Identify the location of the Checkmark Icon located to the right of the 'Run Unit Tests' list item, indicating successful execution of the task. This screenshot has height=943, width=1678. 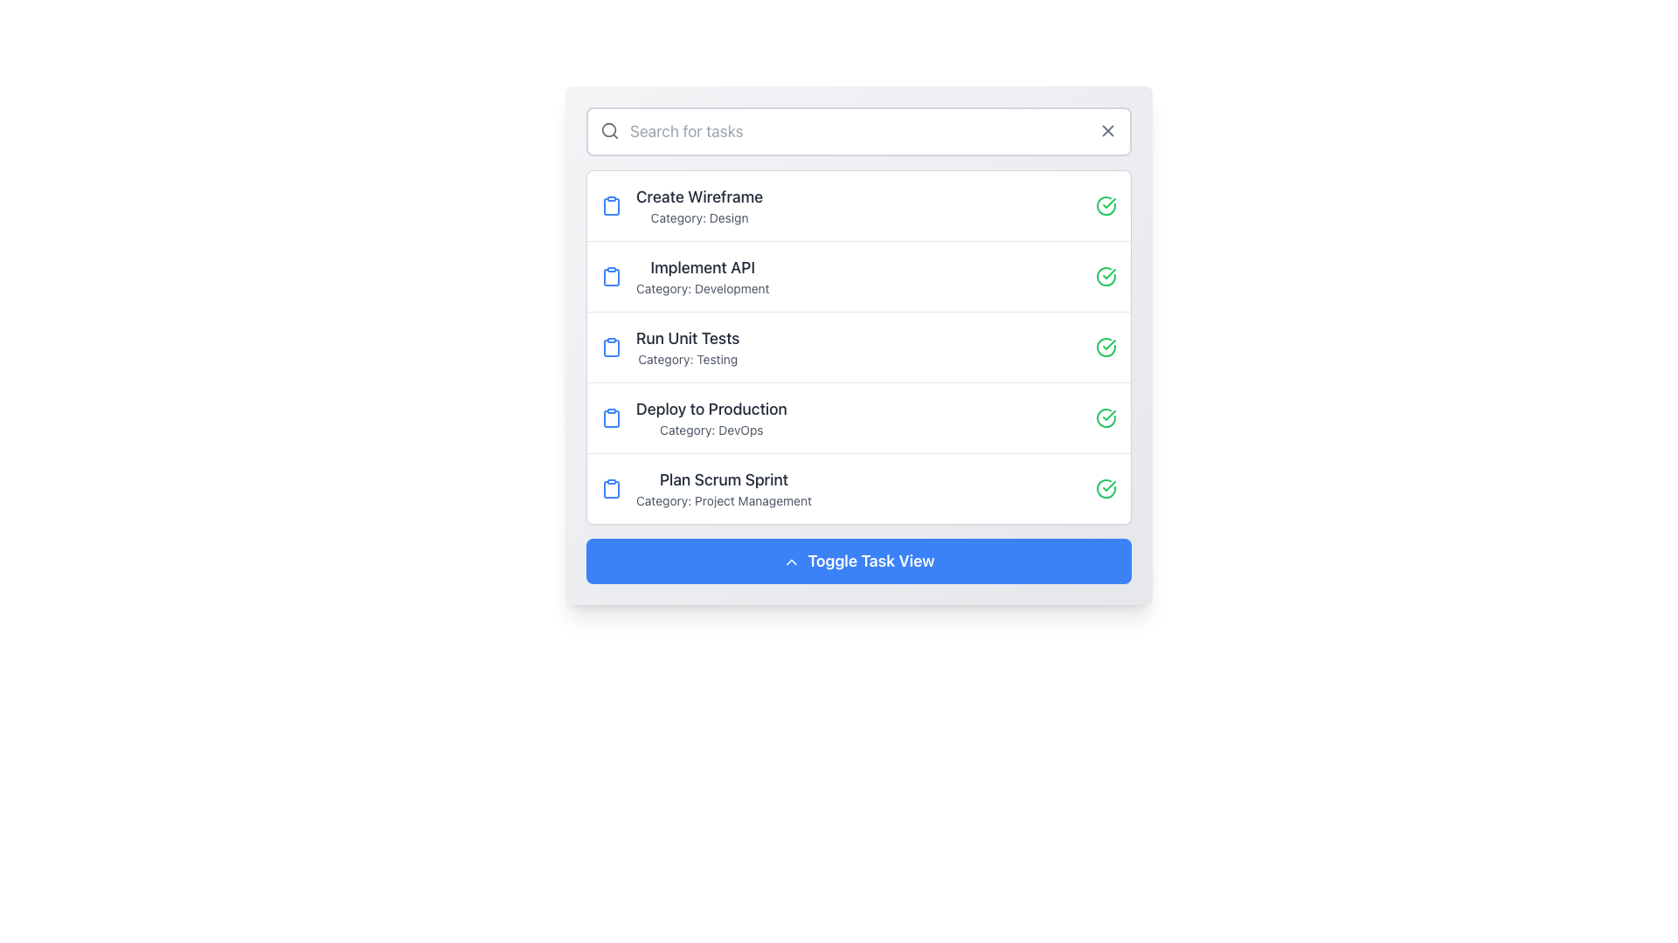
(1106, 347).